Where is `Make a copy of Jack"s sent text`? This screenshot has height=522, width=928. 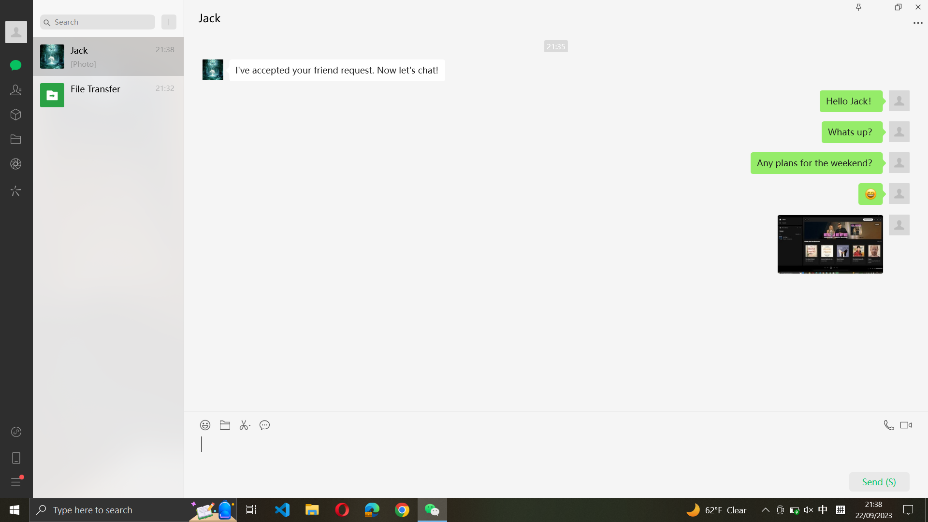
Make a copy of Jack"s sent text is located at coordinates (336, 70).